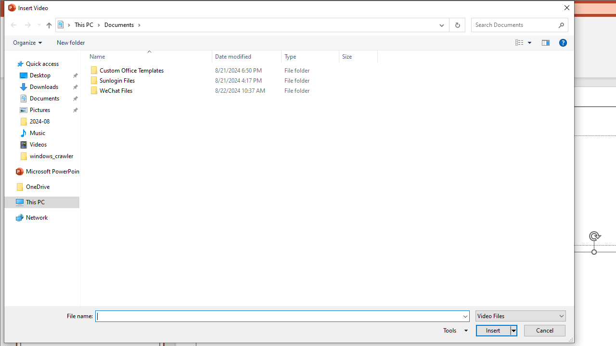 Image resolution: width=616 pixels, height=346 pixels. Describe the element at coordinates (358, 56) in the screenshot. I see `'Size'` at that location.